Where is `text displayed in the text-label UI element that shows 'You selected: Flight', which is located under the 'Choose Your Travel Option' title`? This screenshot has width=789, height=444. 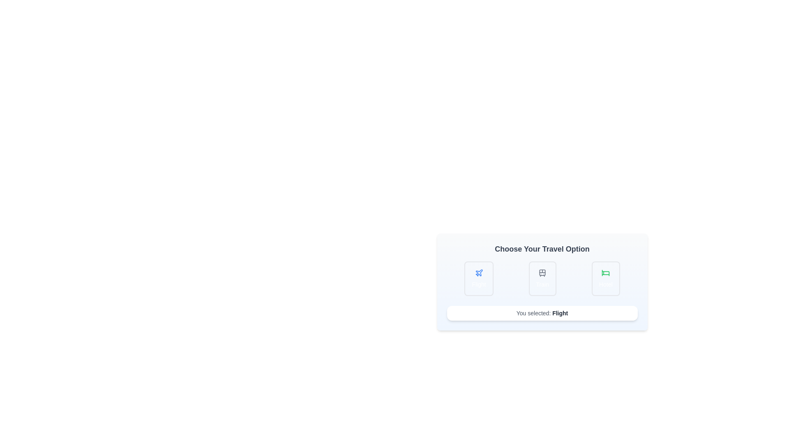
text displayed in the text-label UI element that shows 'You selected: Flight', which is located under the 'Choose Your Travel Option' title is located at coordinates (542, 313).